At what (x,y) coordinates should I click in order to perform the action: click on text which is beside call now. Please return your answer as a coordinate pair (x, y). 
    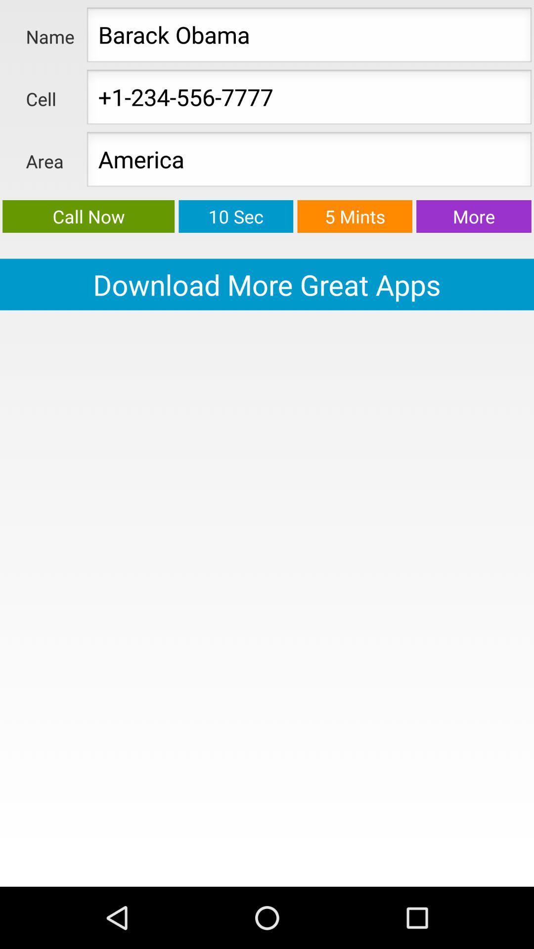
    Looking at the image, I should click on (236, 216).